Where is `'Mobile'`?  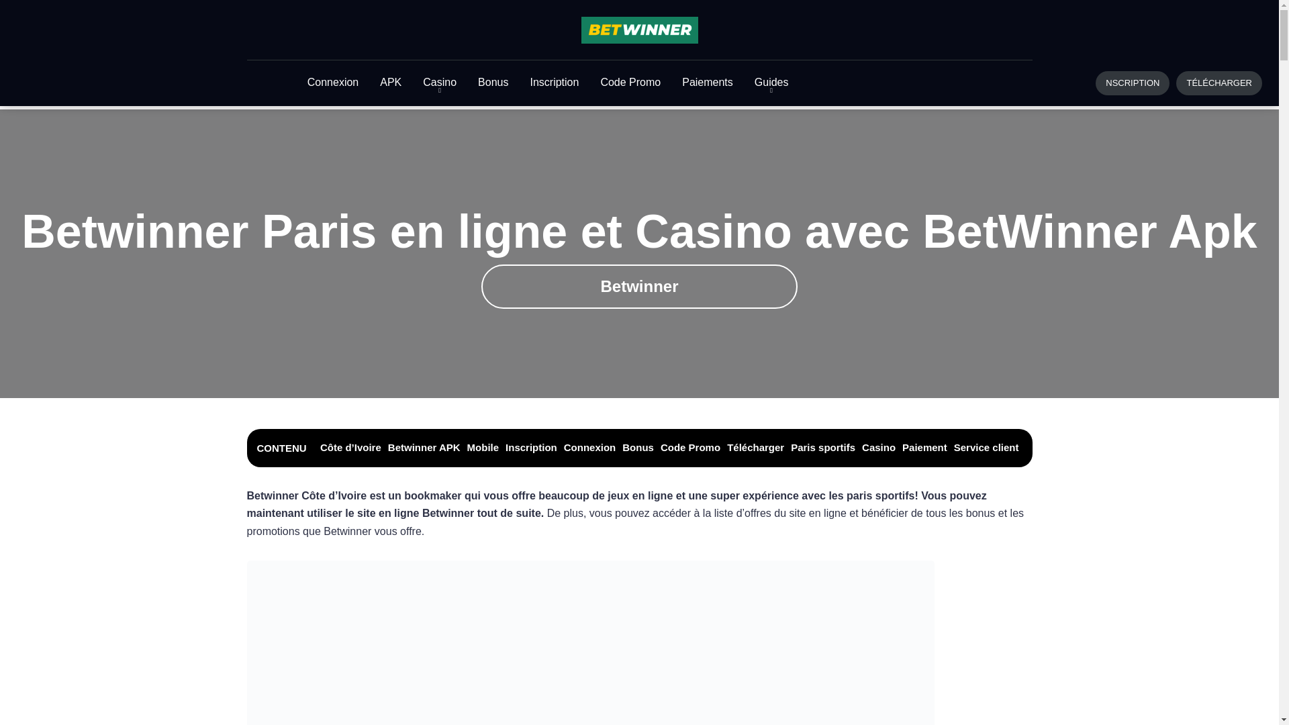
'Mobile' is located at coordinates (483, 447).